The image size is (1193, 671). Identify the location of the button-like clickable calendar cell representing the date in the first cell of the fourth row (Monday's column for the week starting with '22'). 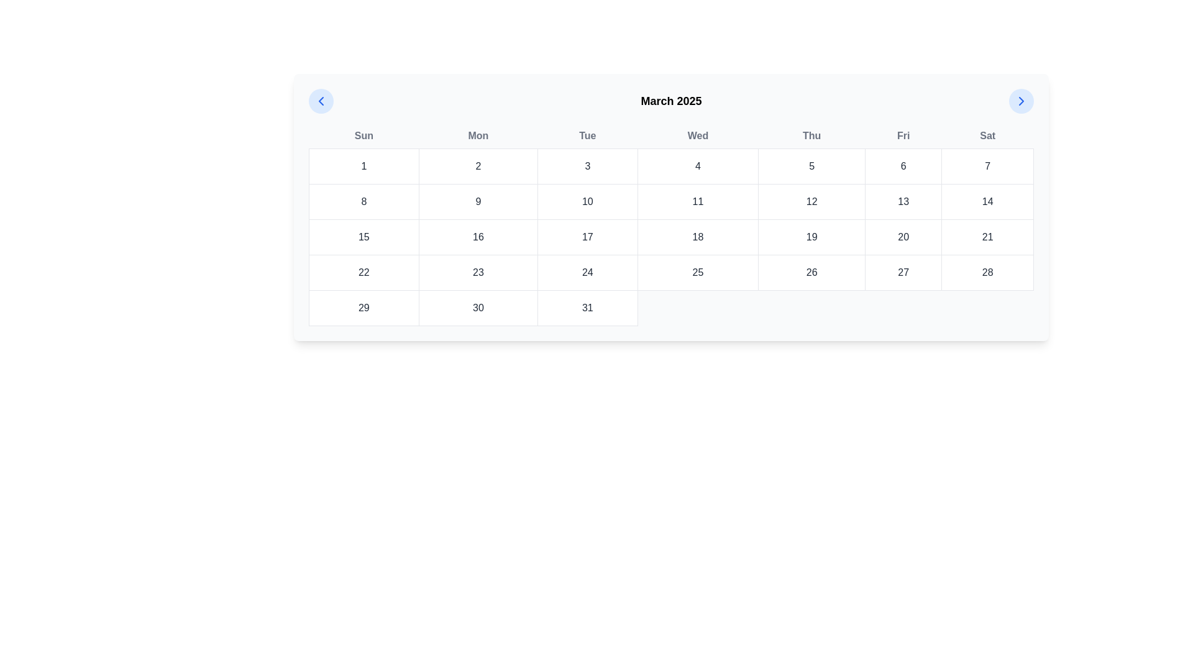
(363, 272).